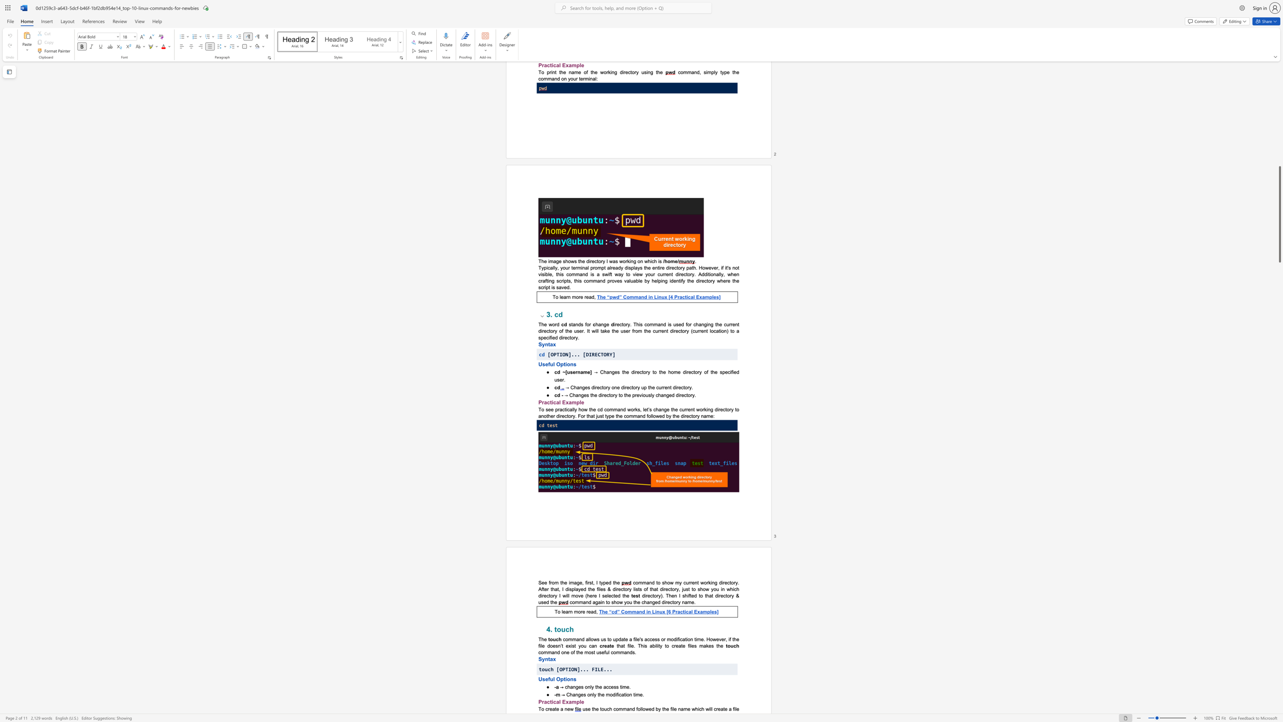  Describe the element at coordinates (701, 611) in the screenshot. I see `the 4th character "a" in the text` at that location.